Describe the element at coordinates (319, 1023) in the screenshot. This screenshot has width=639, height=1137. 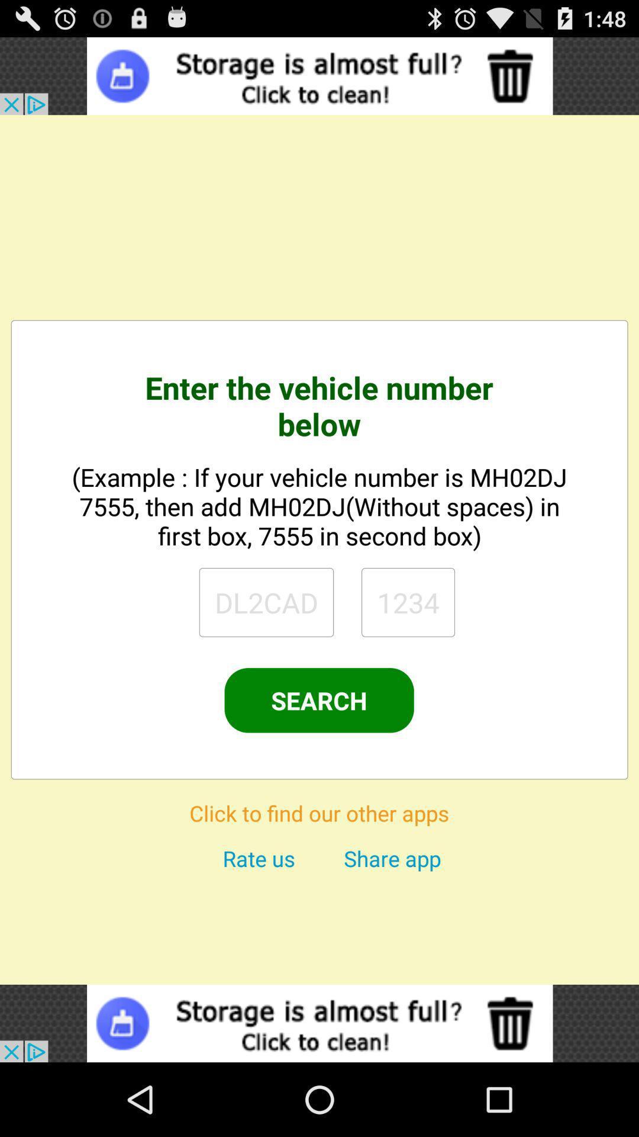
I see `advertisement page` at that location.